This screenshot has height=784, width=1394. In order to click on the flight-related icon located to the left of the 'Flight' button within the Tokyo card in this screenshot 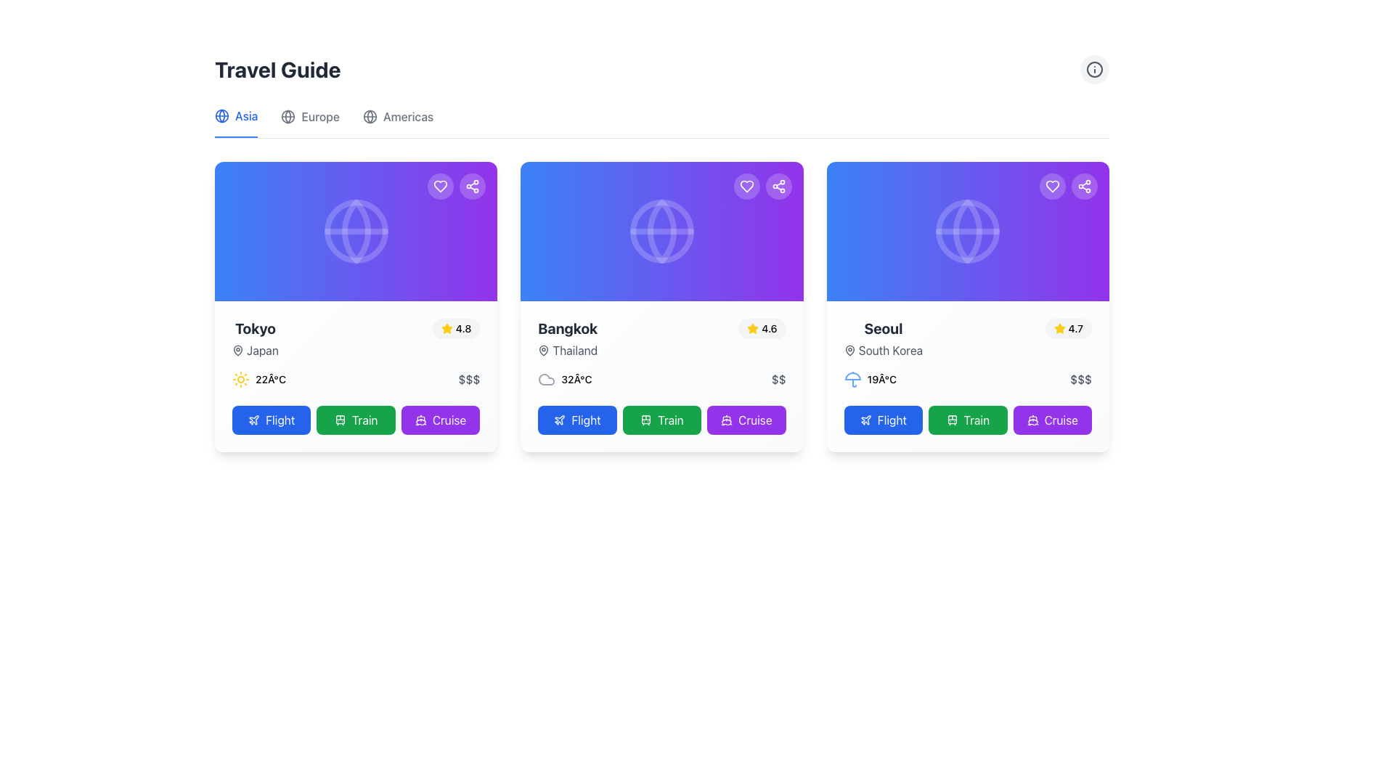, I will do `click(254, 420)`.